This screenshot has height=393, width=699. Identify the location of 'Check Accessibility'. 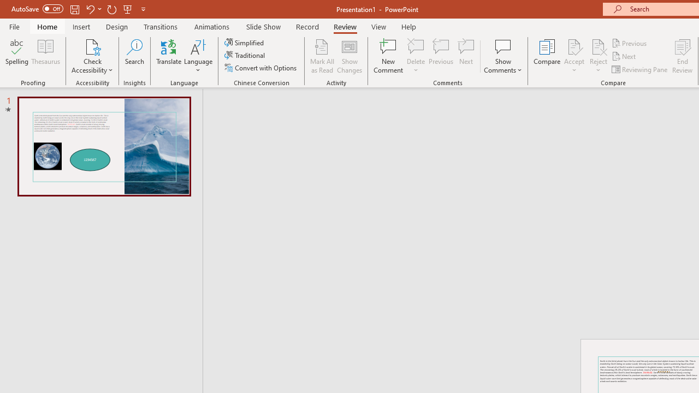
(92, 46).